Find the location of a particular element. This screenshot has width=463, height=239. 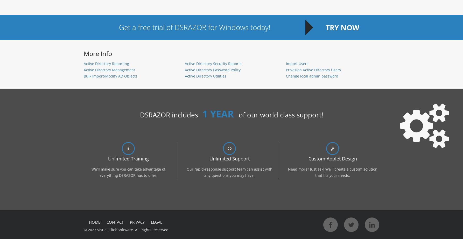

'1 YEAR' is located at coordinates (219, 114).